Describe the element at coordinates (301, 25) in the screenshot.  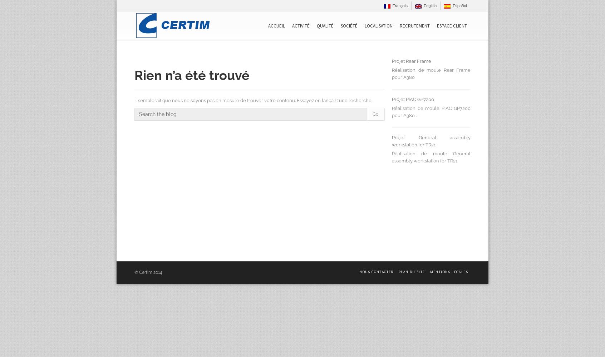
I see `'Activité'` at that location.